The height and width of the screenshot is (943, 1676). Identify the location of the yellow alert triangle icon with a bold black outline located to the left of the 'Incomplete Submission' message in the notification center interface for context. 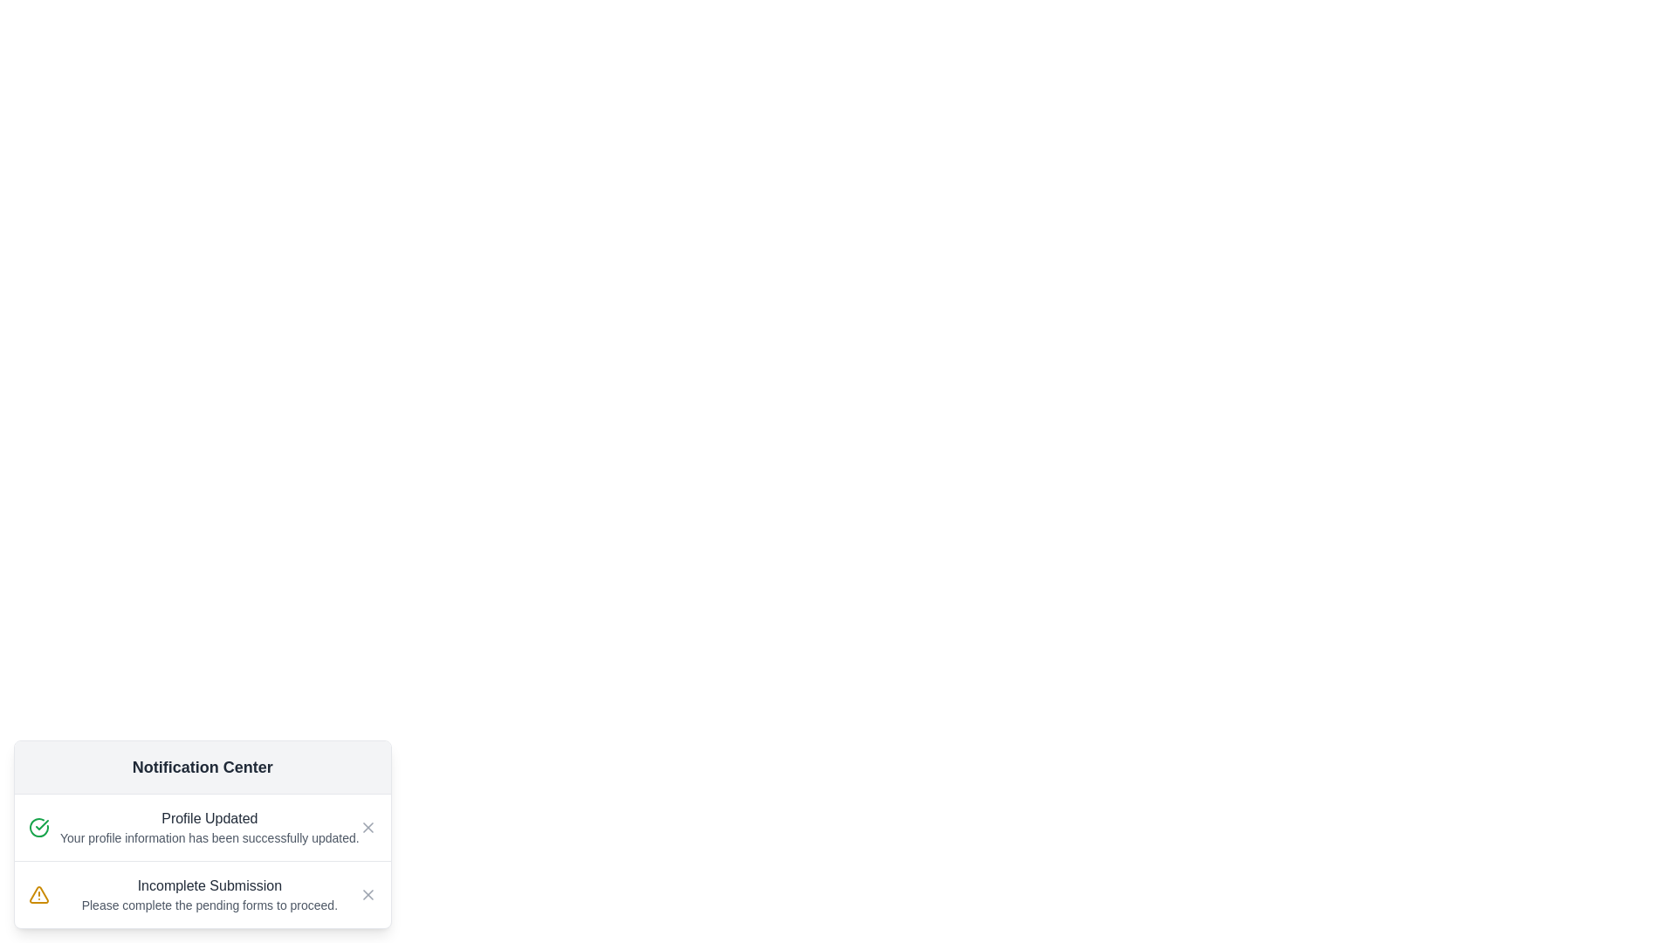
(38, 895).